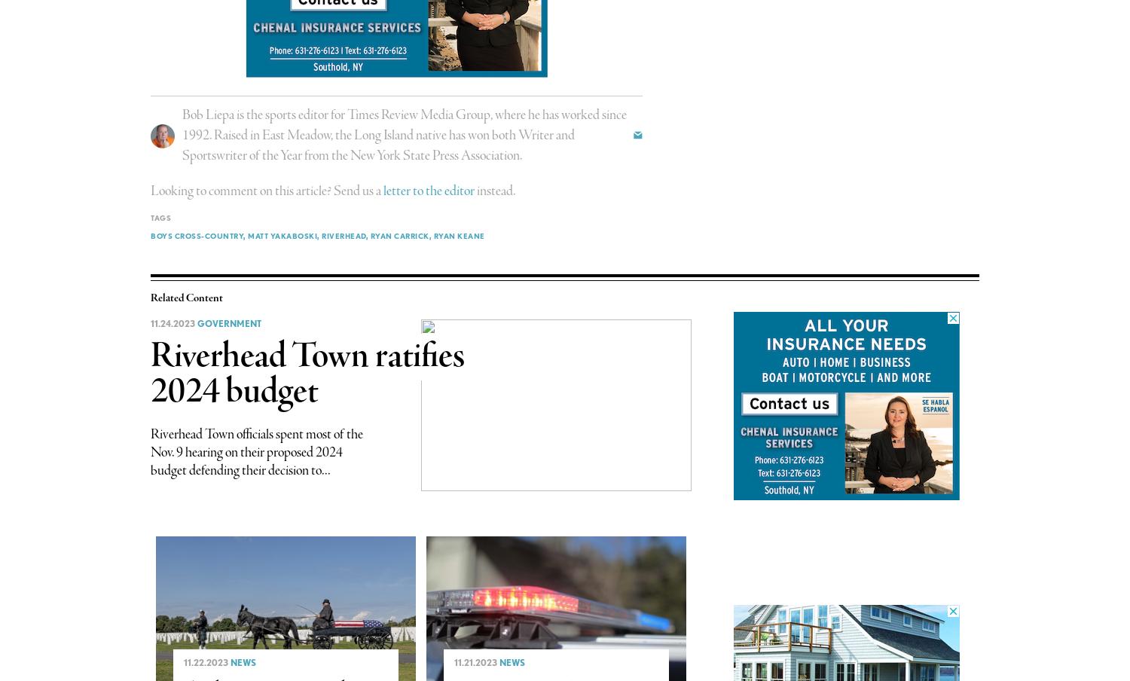 The height and width of the screenshot is (681, 1130). Describe the element at coordinates (255, 451) in the screenshot. I see `'Riverhead Town officials spent most of the Nov. 9 hearing on their proposed 2024 budget defending their decision to...'` at that location.